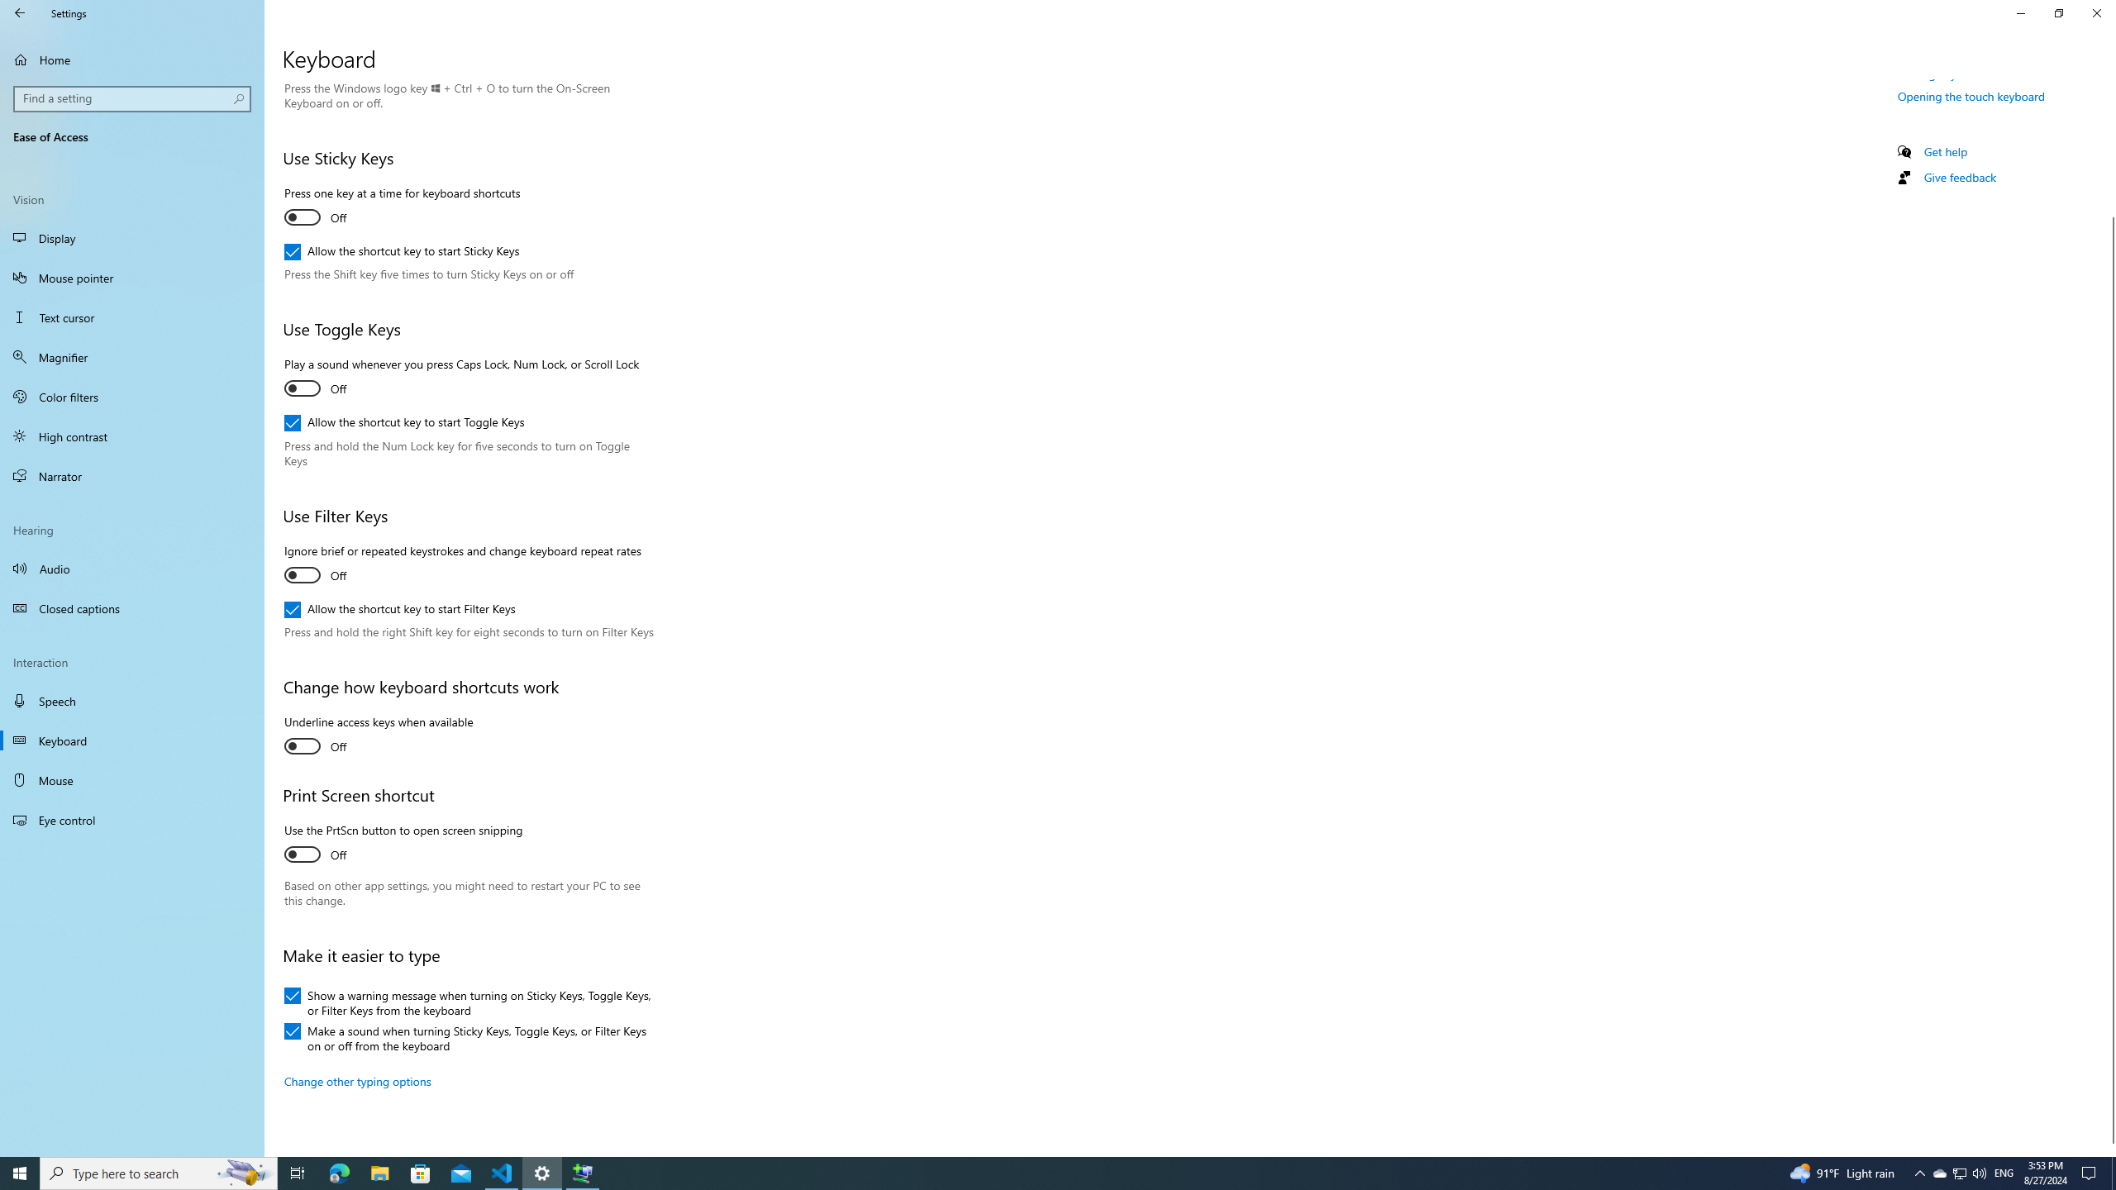  Describe the element at coordinates (131, 435) in the screenshot. I see `'High contrast'` at that location.